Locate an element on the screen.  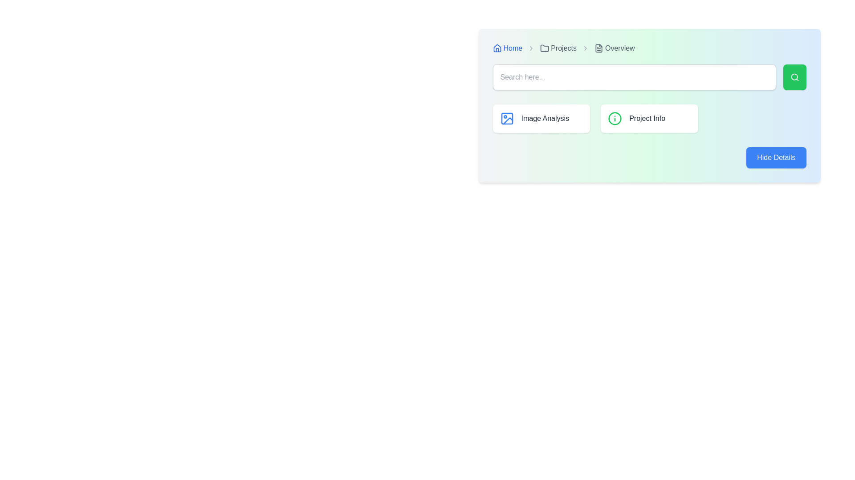
the second card in the 'Projects > Overview' section, which is located to the right of the 'Image Analysis' card is located at coordinates (649, 118).